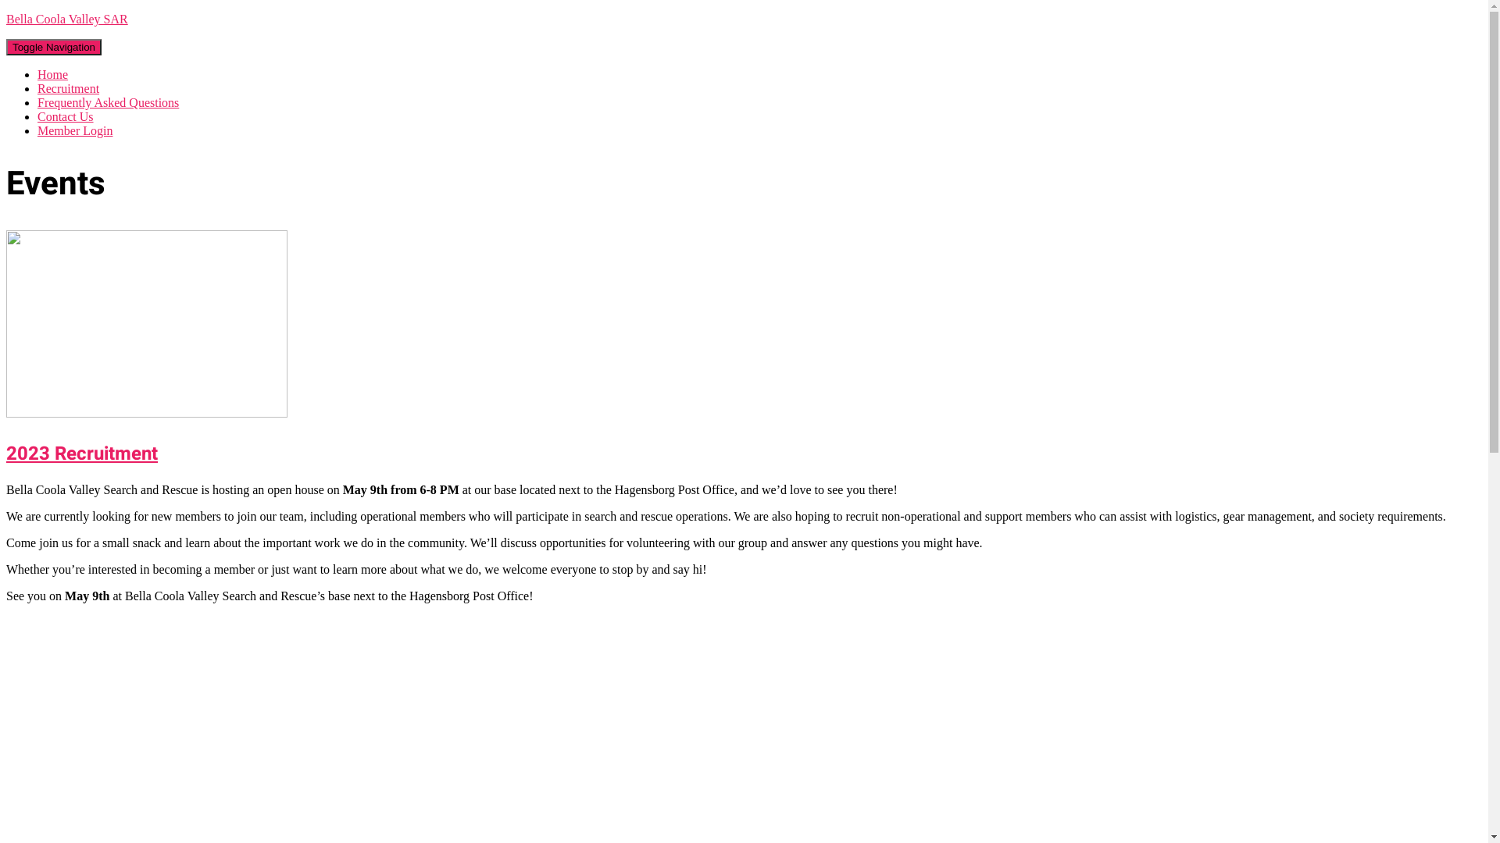 Image resolution: width=1500 pixels, height=843 pixels. I want to click on 'Member Login', so click(74, 130).